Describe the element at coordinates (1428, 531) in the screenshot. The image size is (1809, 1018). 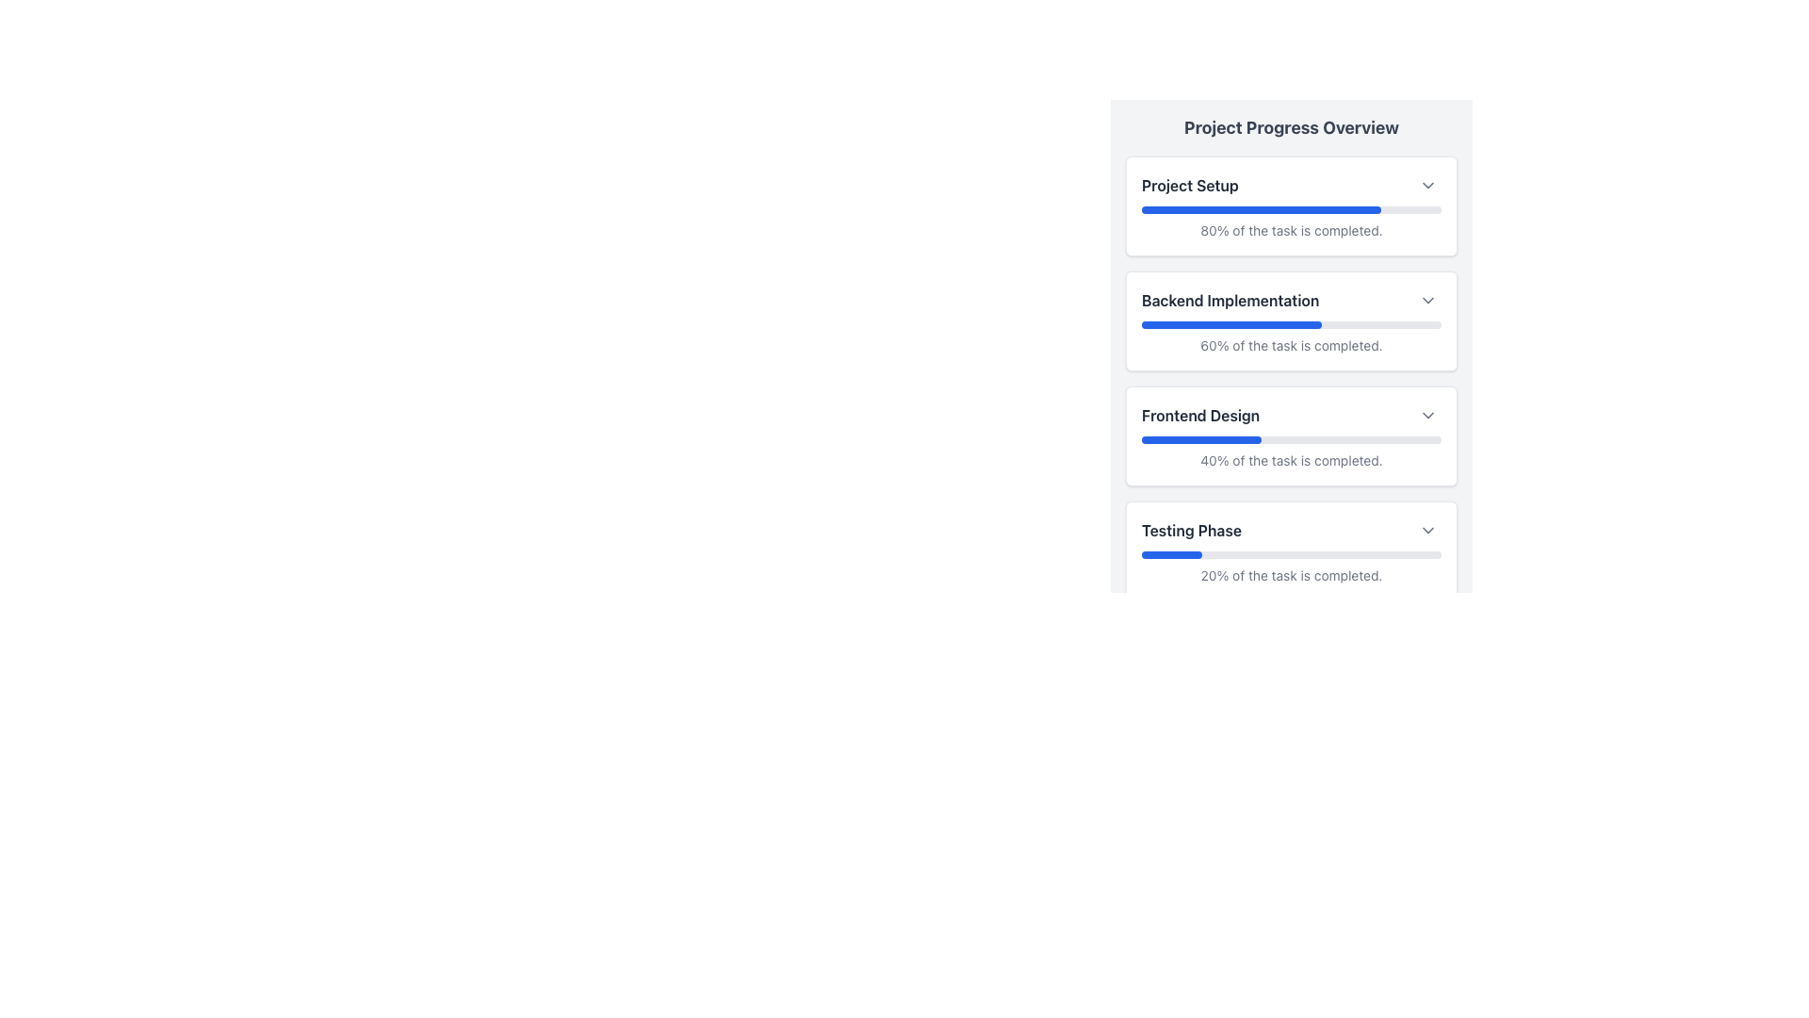
I see `the downward-facing chevron icon, which is aligned to the right of the Testing Phase label in the Project Progress Overview interface` at that location.